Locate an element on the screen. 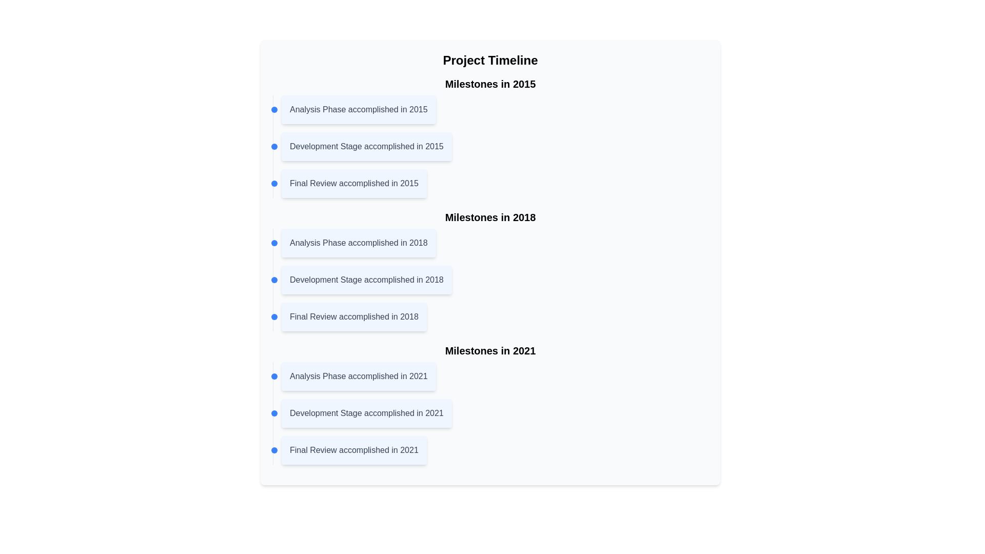  text label indicating a milestone event in the timeline, which is the third label under 'Milestones in 2018.' is located at coordinates (354, 316).